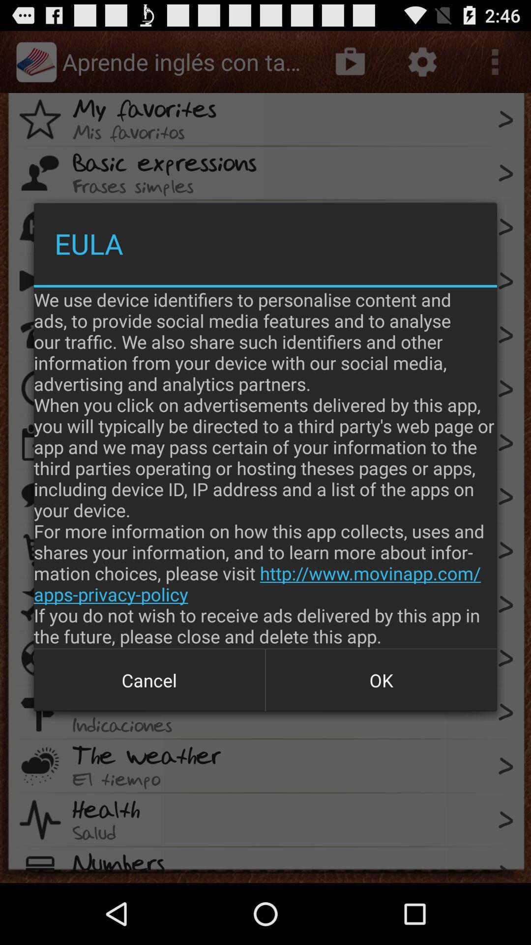  What do you see at coordinates (381, 680) in the screenshot?
I see `icon at the bottom right corner` at bounding box center [381, 680].